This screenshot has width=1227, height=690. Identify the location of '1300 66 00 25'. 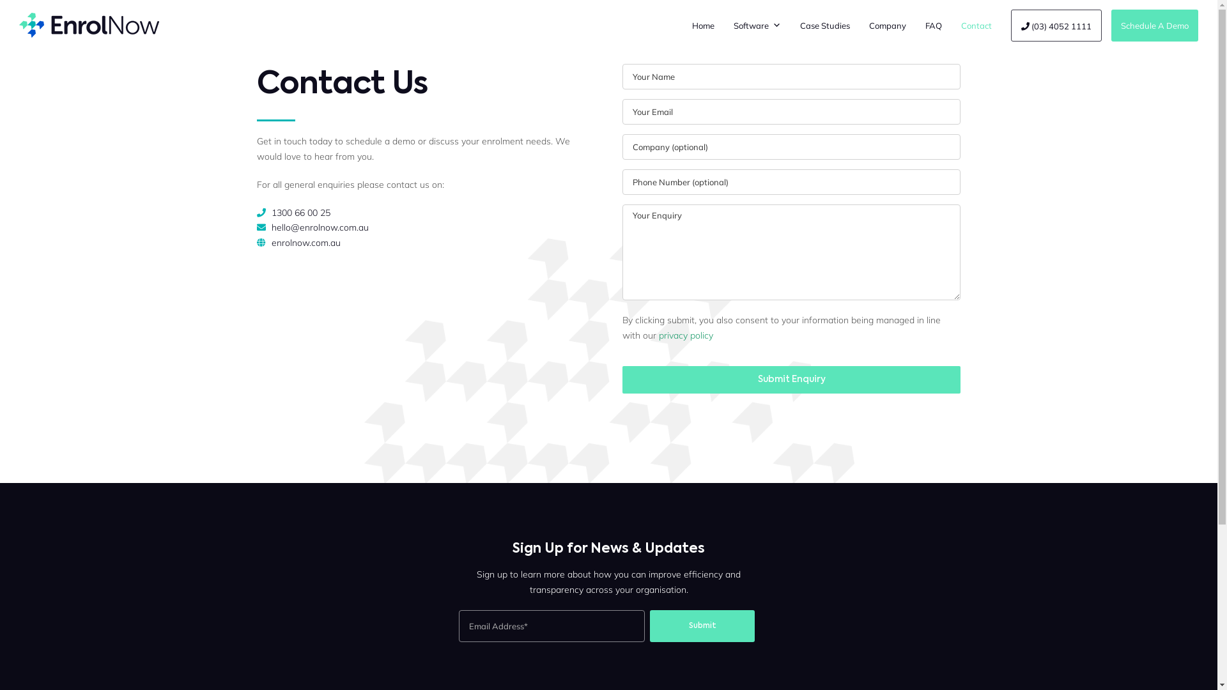
(300, 211).